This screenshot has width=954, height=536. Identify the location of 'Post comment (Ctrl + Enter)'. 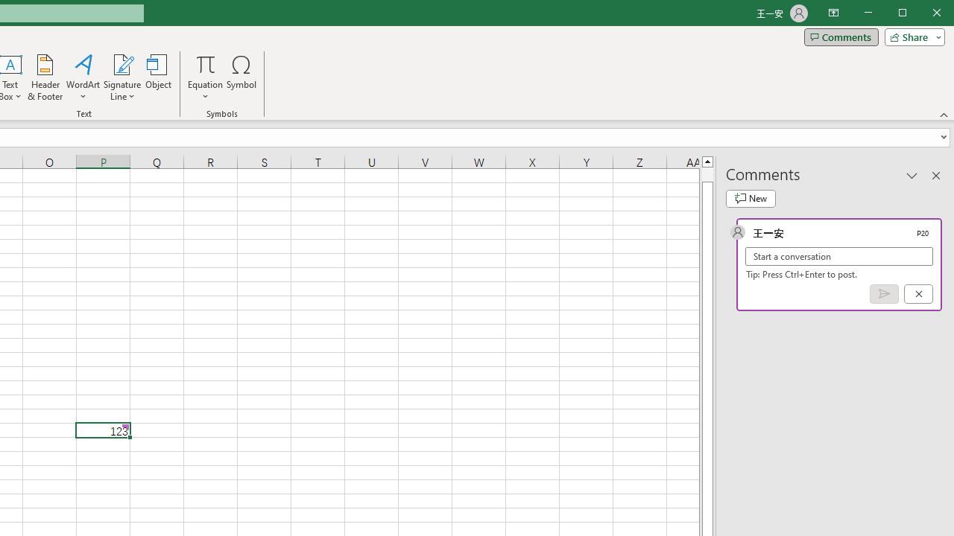
(884, 294).